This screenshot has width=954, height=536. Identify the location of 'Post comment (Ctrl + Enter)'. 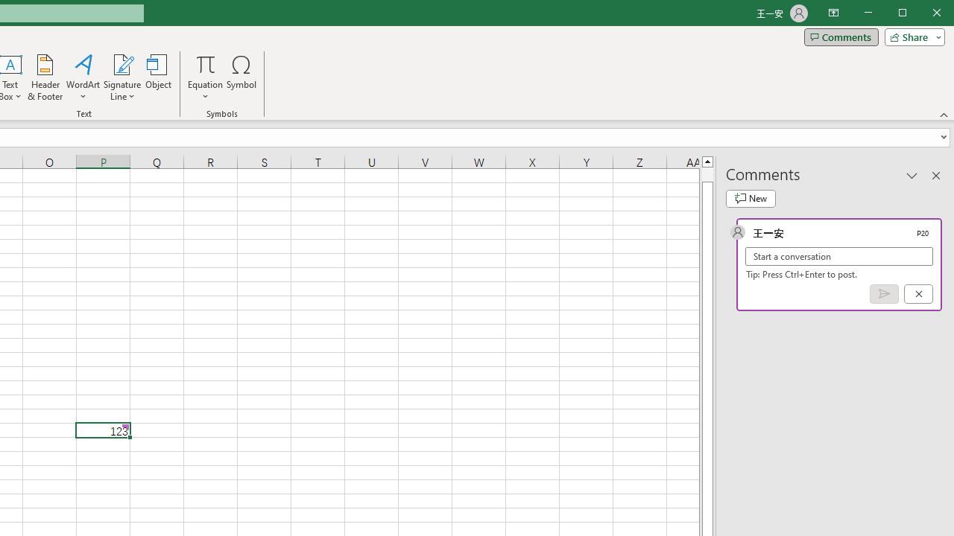
(884, 294).